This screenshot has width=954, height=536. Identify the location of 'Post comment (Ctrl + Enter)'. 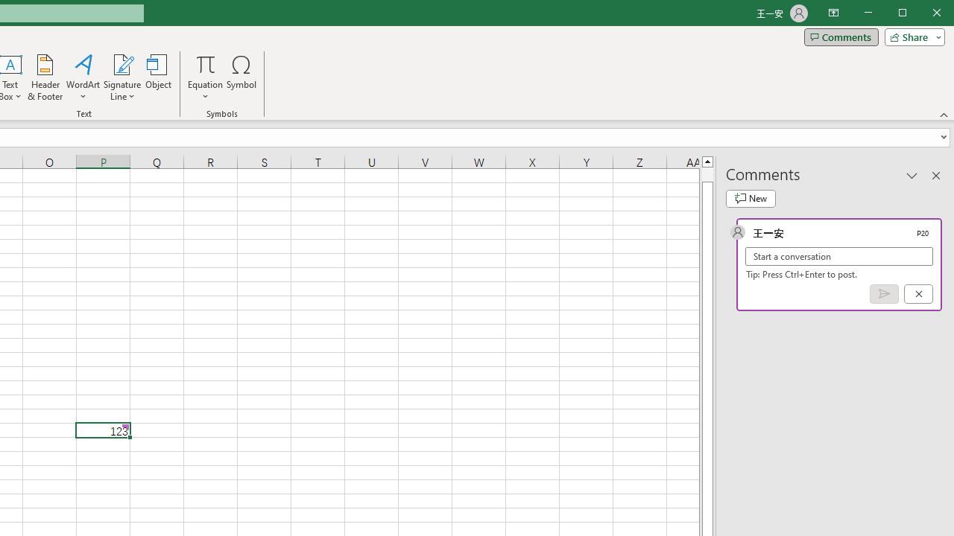
(884, 294).